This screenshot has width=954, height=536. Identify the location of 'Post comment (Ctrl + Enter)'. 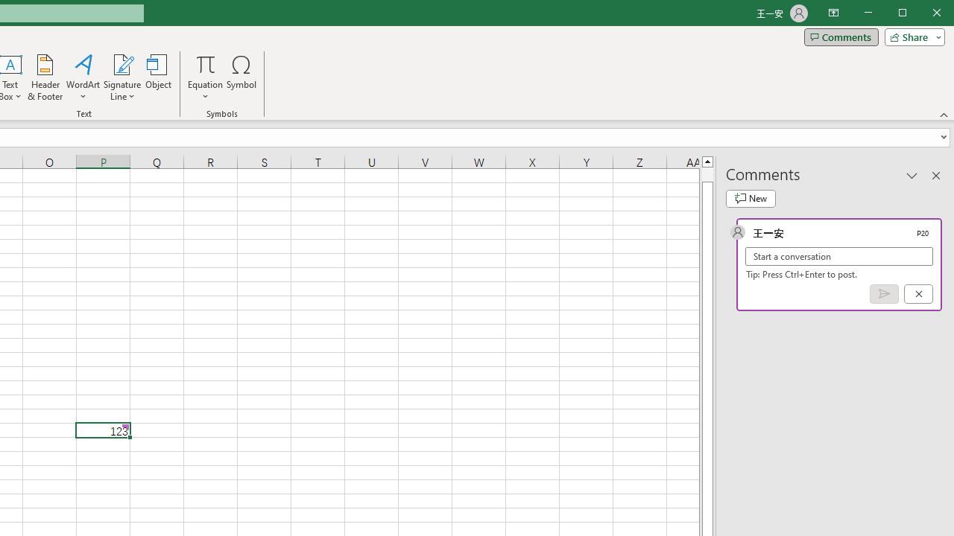
(884, 294).